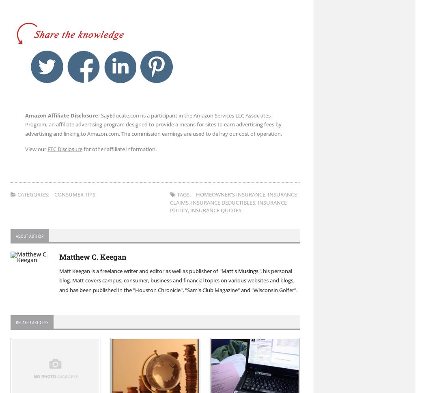 The width and height of the screenshot is (426, 393). Describe the element at coordinates (58, 270) in the screenshot. I see `'Matt Keegan is a freelance writer and editor as well as publisher of "'` at that location.